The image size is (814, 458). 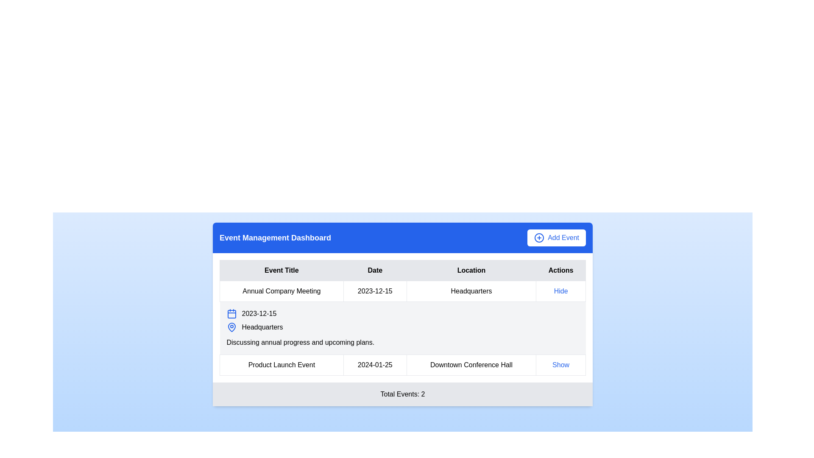 What do you see at coordinates (259, 314) in the screenshot?
I see `the Text Label displaying the date associated with an event in the second column of the first row on the dashboard table, located next to a calendar icon` at bounding box center [259, 314].